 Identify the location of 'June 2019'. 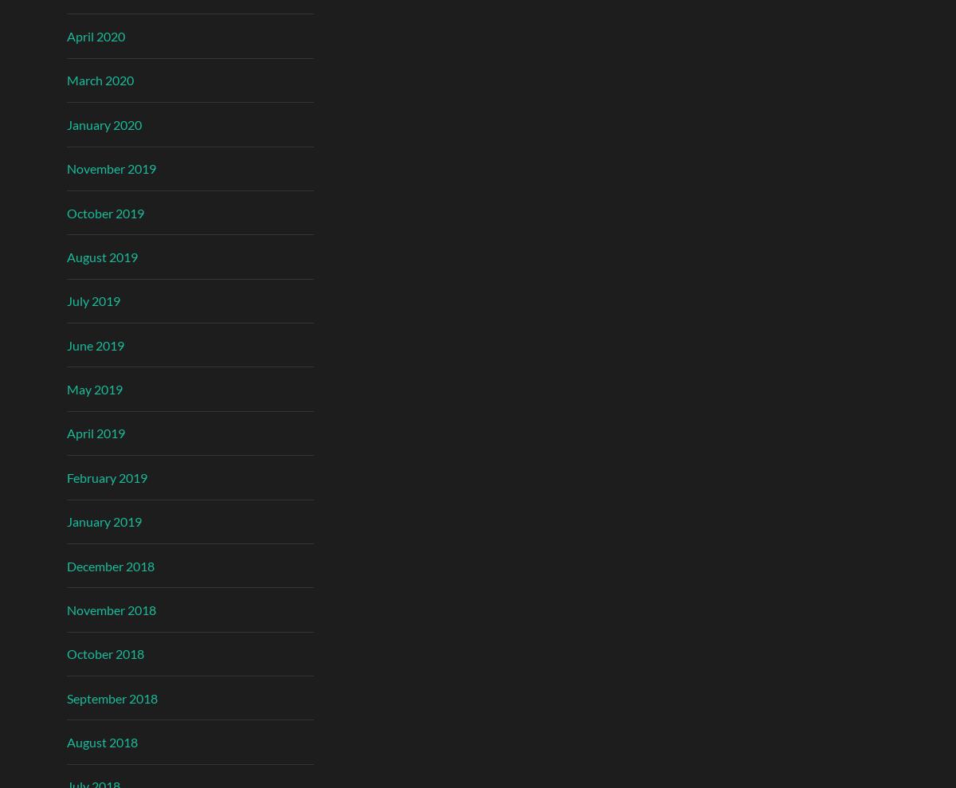
(96, 344).